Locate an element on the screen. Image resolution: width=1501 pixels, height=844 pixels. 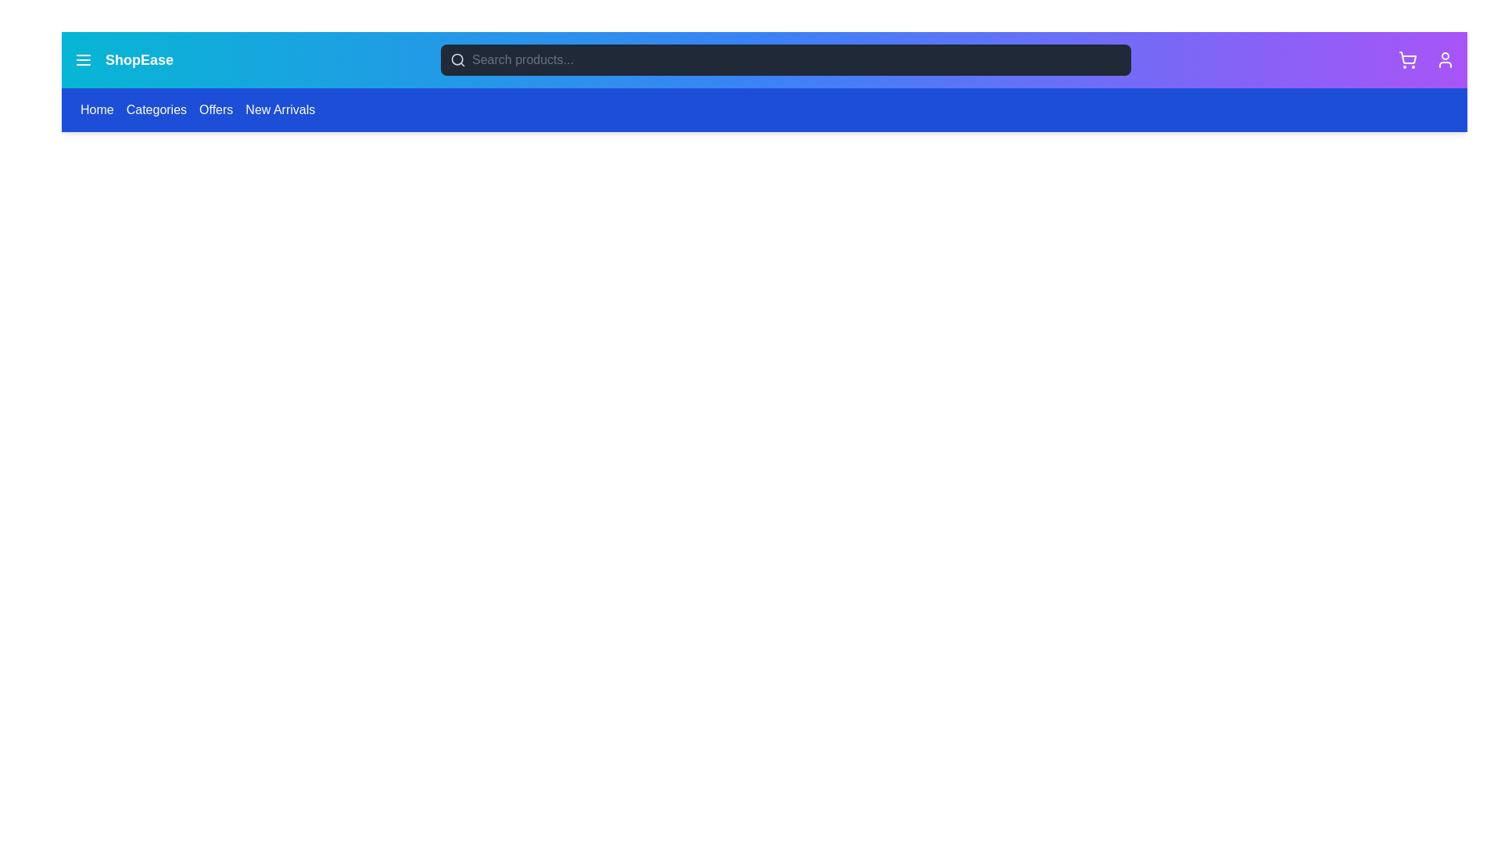
the 'ShopEase' text label, which is styled in white with a bold font and located in the top navigation bar of the page is located at coordinates (139, 59).